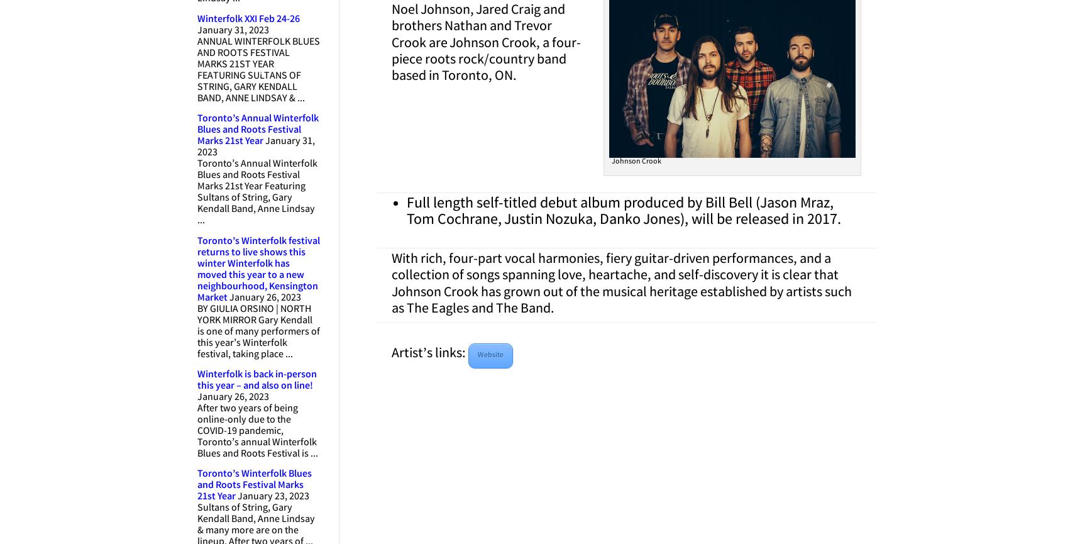 The height and width of the screenshot is (544, 1075). I want to click on 'ANNUAL WINTERFOLK BLUES AND ROOTS FESTIVAL MARKS 21ST YEAR FEATURING SULTANS OF STRING, GARY KENDALL BAND, ANNE LINDSAY & ...', so click(258, 70).